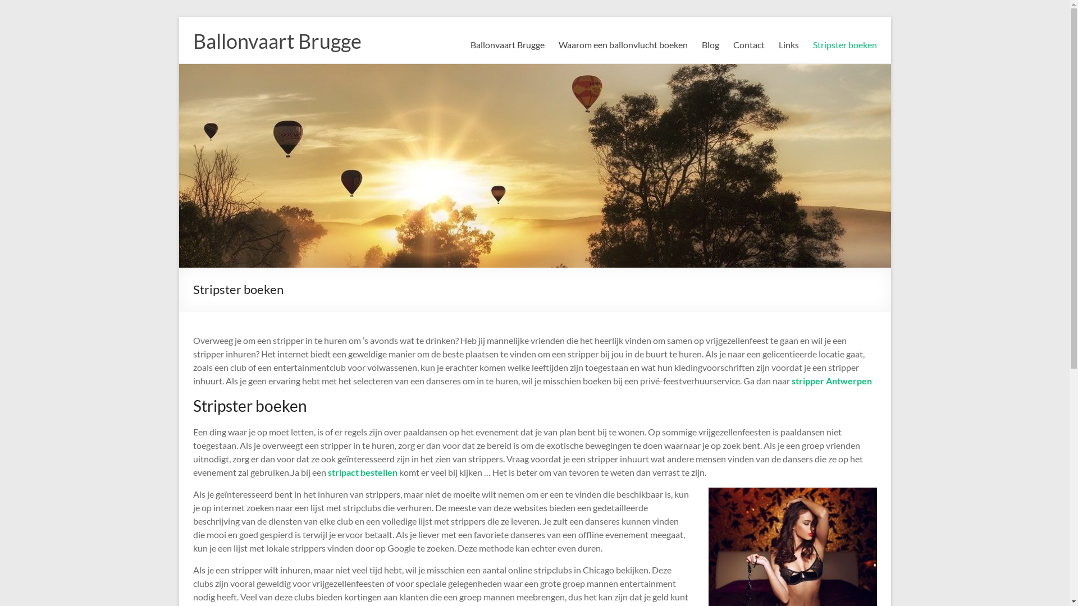 The width and height of the screenshot is (1078, 606). Describe the element at coordinates (832, 380) in the screenshot. I see `'stripper Antwerpen'` at that location.